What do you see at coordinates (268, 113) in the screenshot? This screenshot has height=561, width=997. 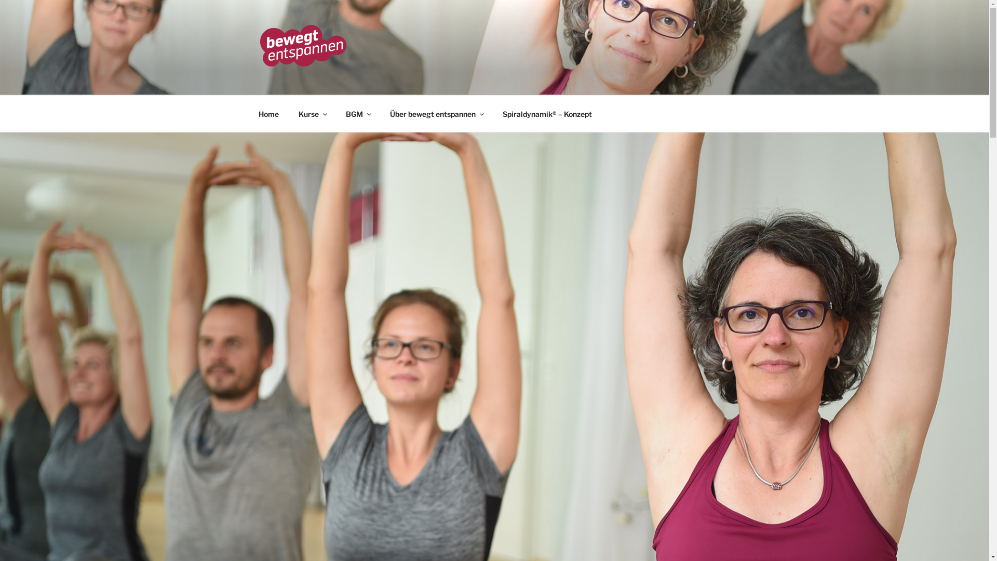 I see `'Home'` at bounding box center [268, 113].